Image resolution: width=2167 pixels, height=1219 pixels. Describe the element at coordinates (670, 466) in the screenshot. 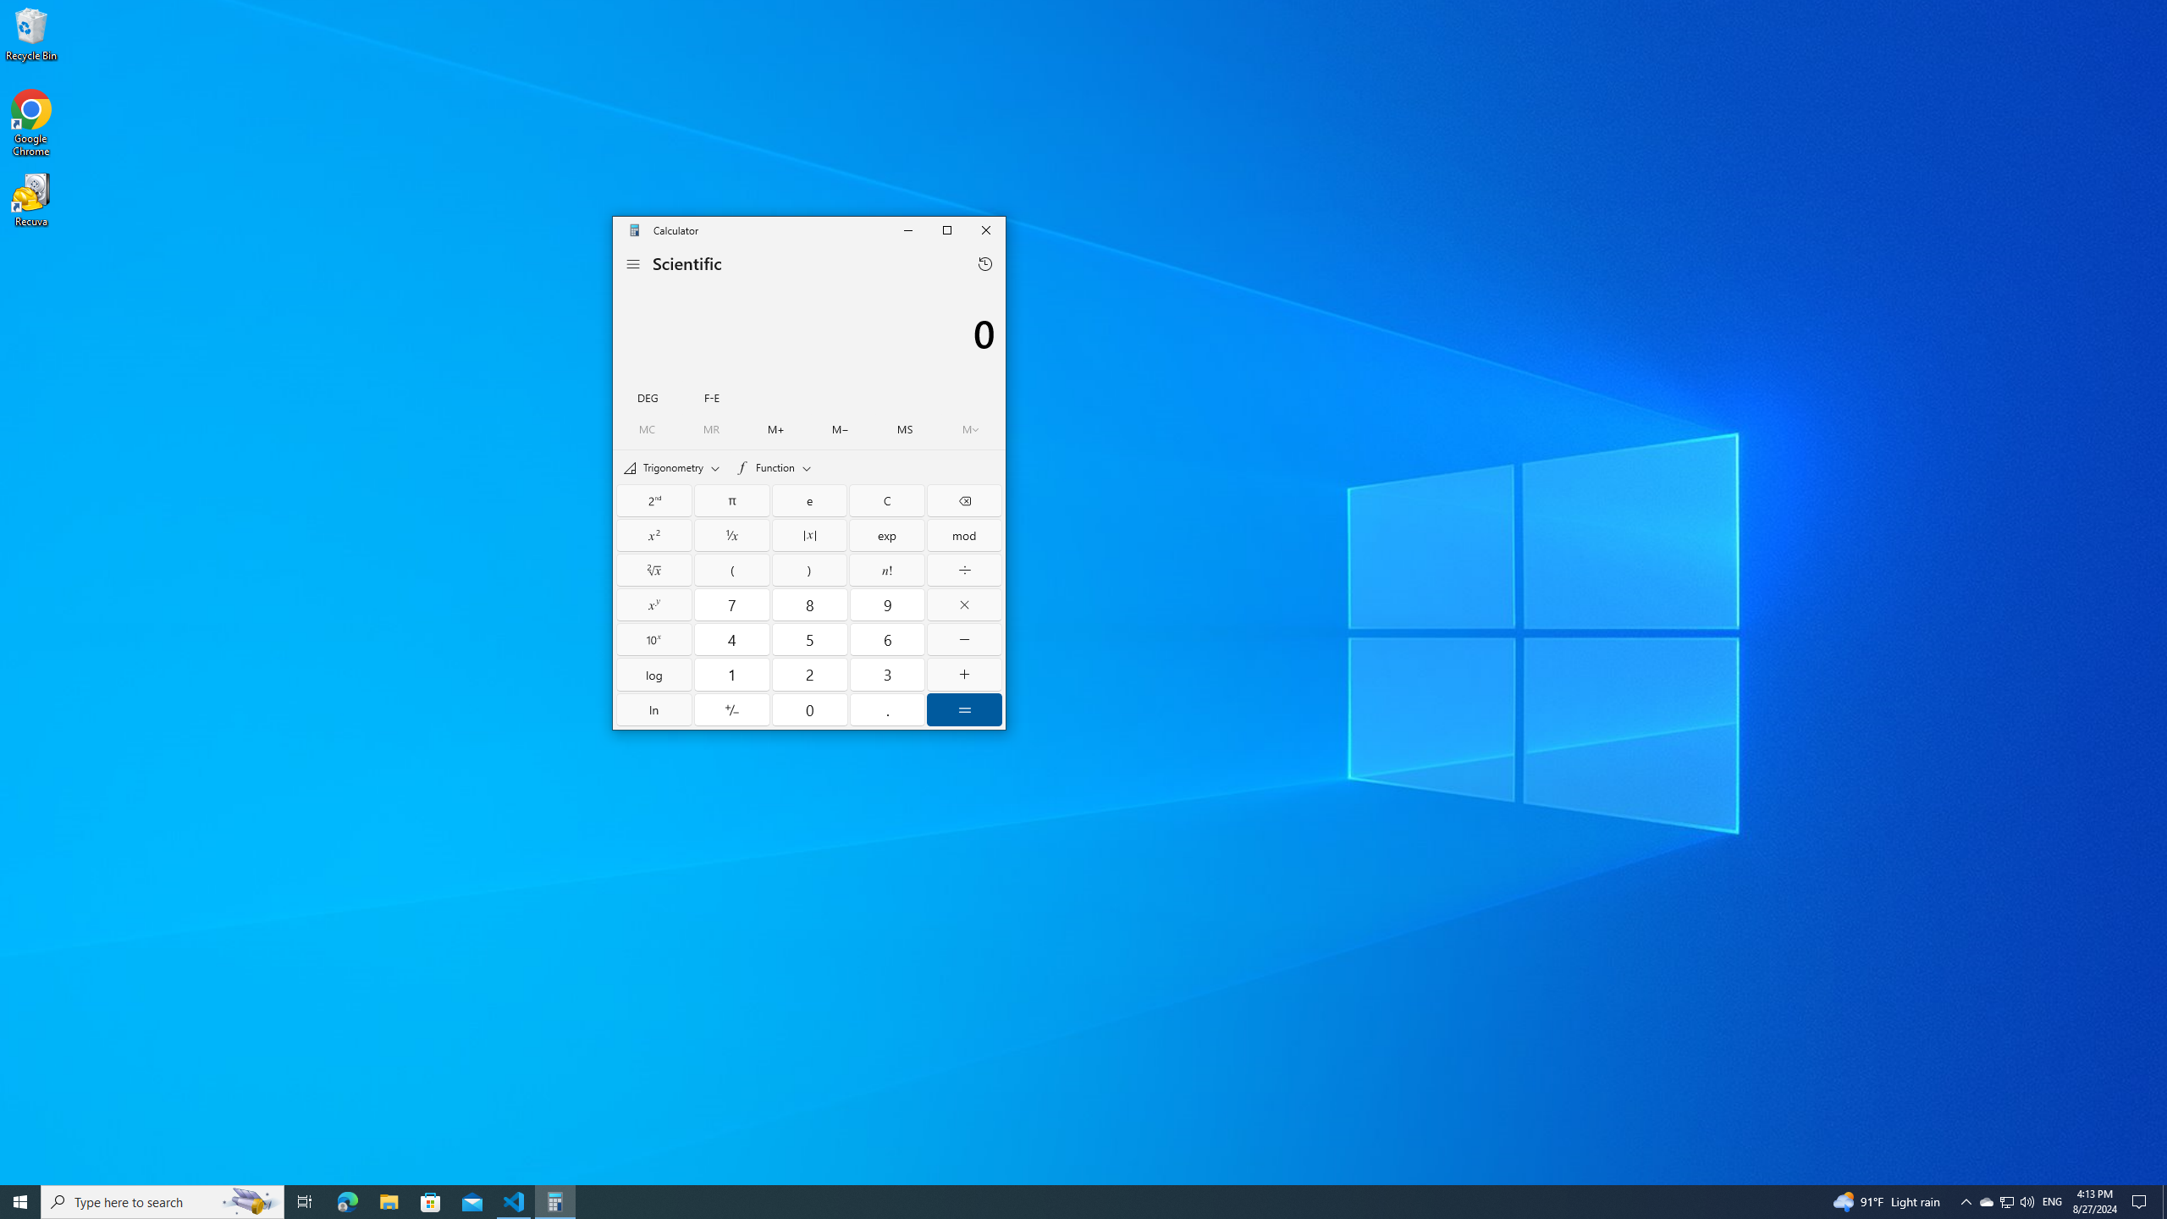

I see `'Trigonometry'` at that location.